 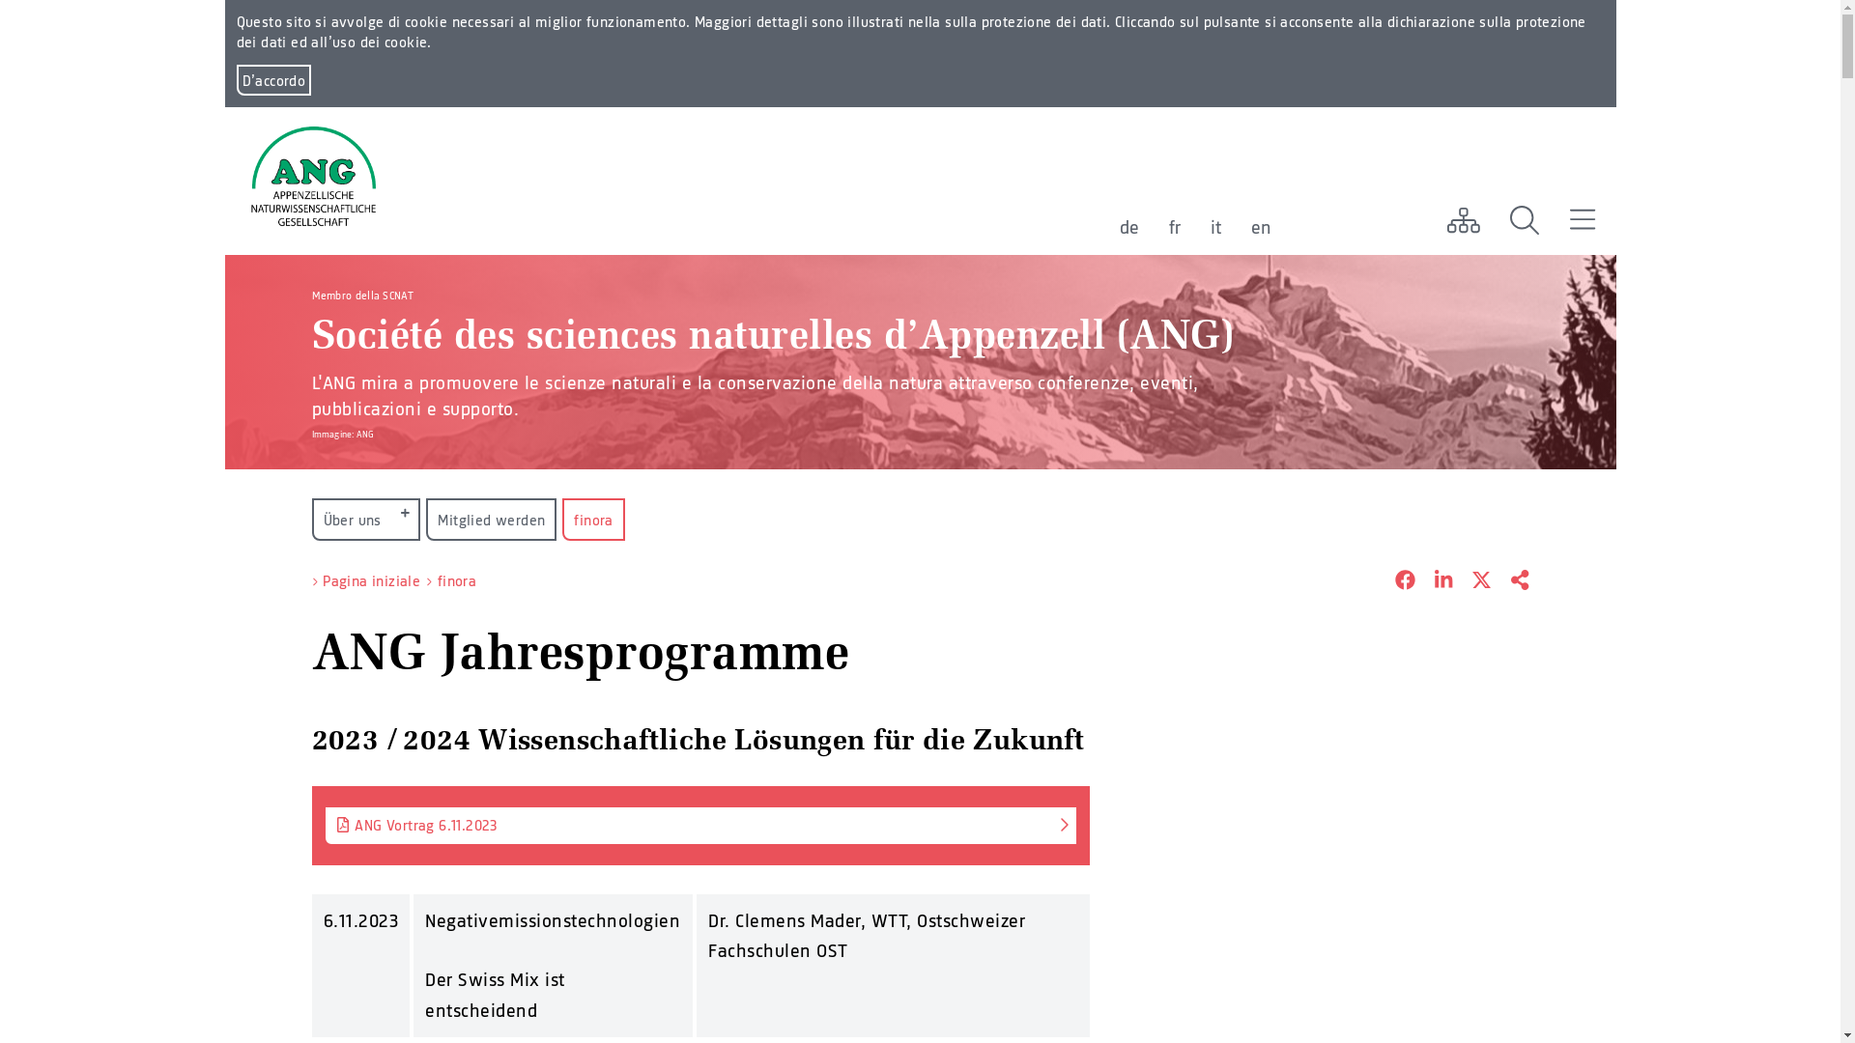 What do you see at coordinates (1042, 21) in the screenshot?
I see `'protezione dei dati'` at bounding box center [1042, 21].